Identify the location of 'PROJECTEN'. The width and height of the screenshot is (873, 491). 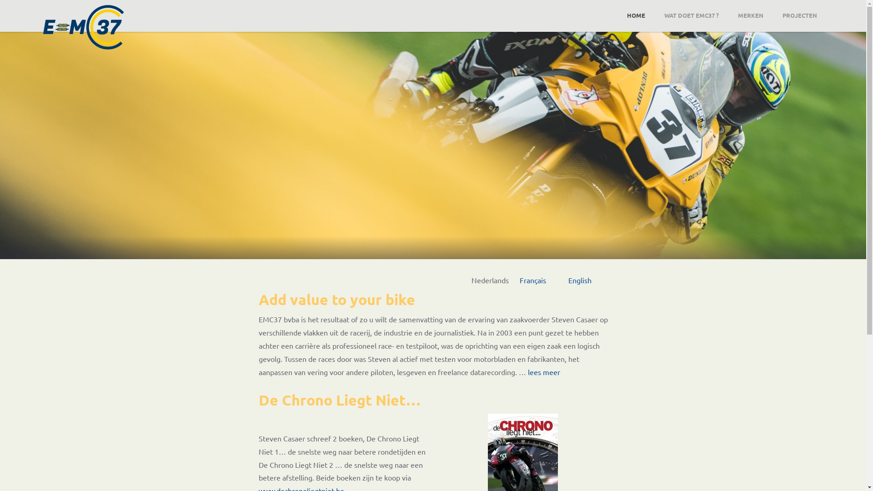
(799, 15).